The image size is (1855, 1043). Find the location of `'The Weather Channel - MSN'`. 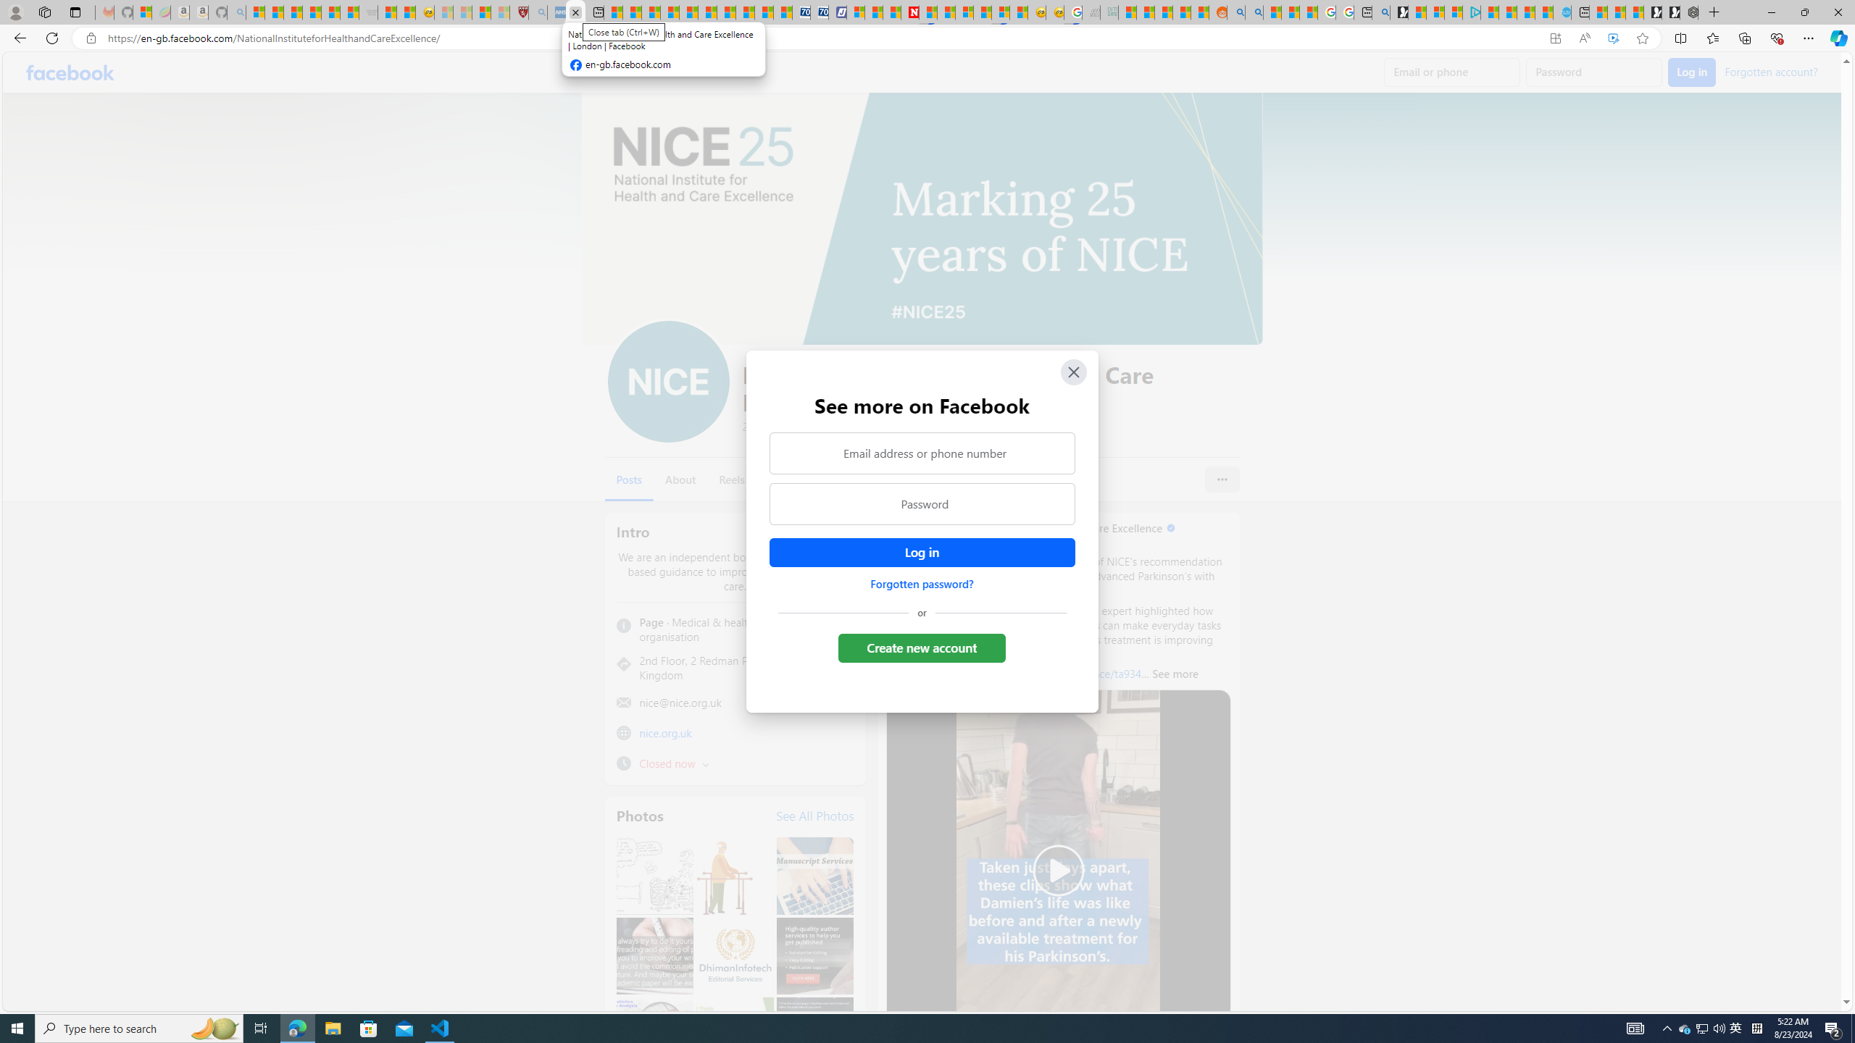

'The Weather Channel - MSN' is located at coordinates (292, 12).